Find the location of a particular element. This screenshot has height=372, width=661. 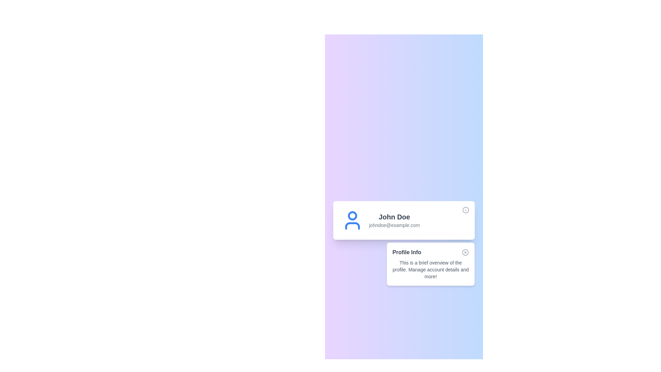

the information icon button located in the top-right corner of the user details card is located at coordinates (466, 209).